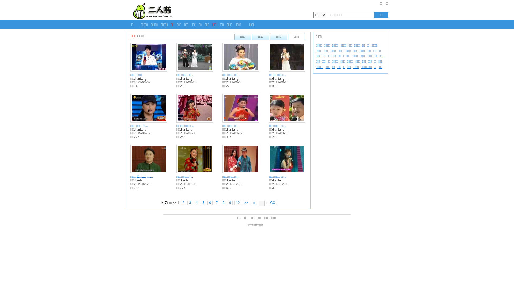  Describe the element at coordinates (196, 203) in the screenshot. I see `'4'` at that location.